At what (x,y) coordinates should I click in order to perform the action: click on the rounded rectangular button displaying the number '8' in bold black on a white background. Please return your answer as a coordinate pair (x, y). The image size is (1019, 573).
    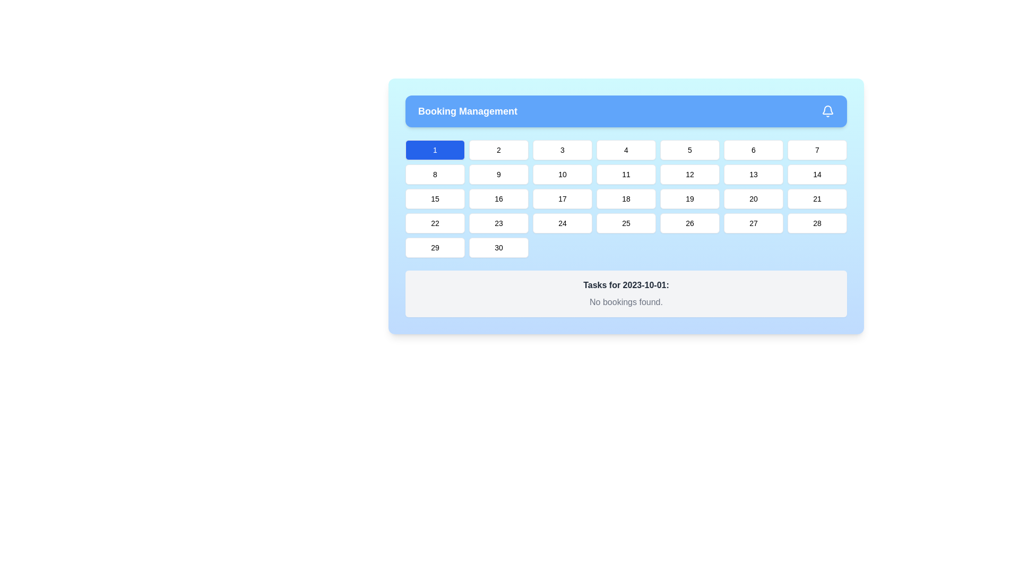
    Looking at the image, I should click on (435, 173).